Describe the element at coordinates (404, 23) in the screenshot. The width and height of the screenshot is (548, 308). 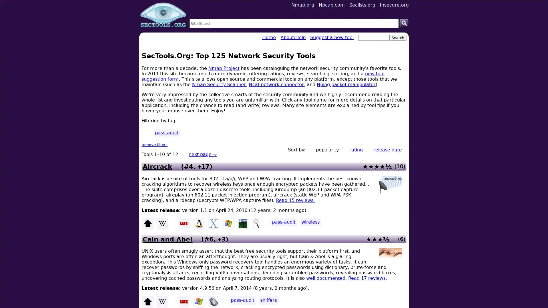
I see `Search` at that location.